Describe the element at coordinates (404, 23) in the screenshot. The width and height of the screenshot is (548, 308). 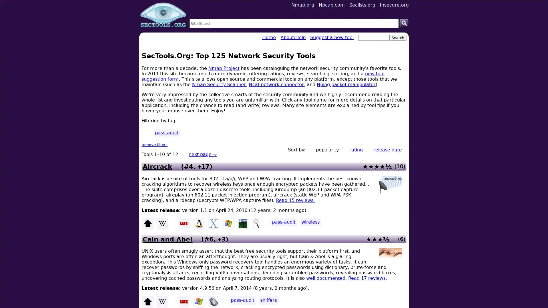
I see `Search` at that location.